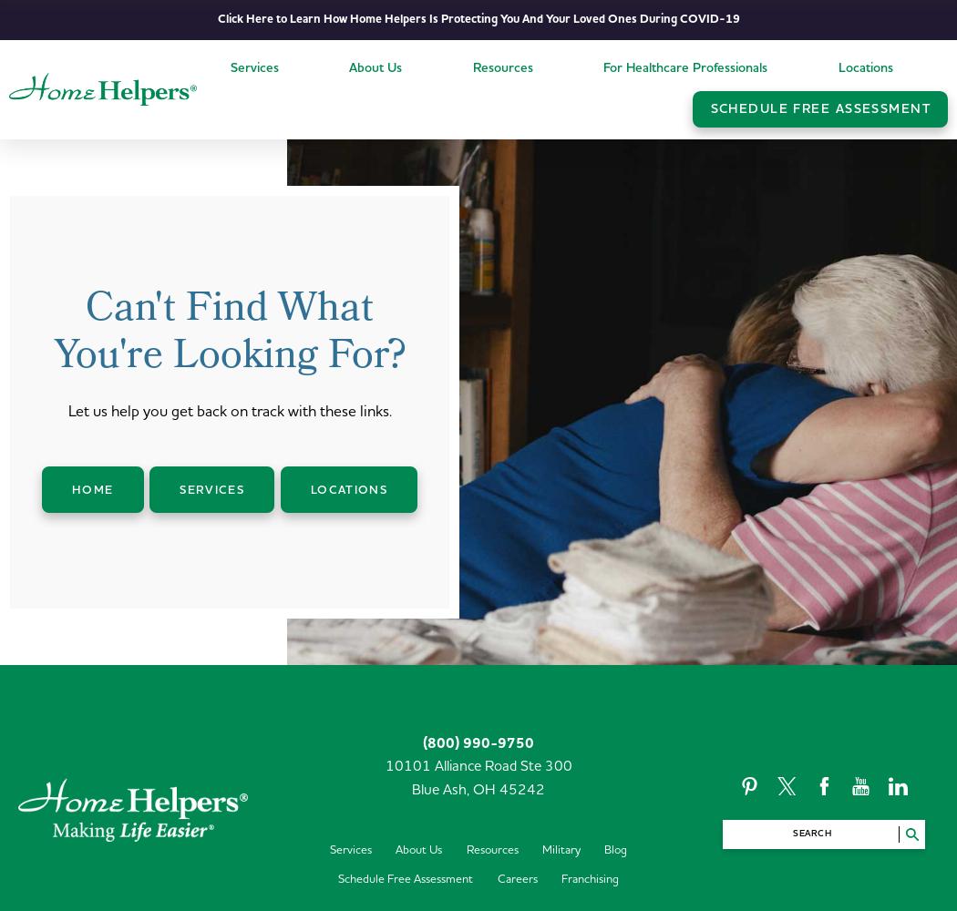  Describe the element at coordinates (412, 221) in the screenshot. I see `'Awards & Recognition'` at that location.